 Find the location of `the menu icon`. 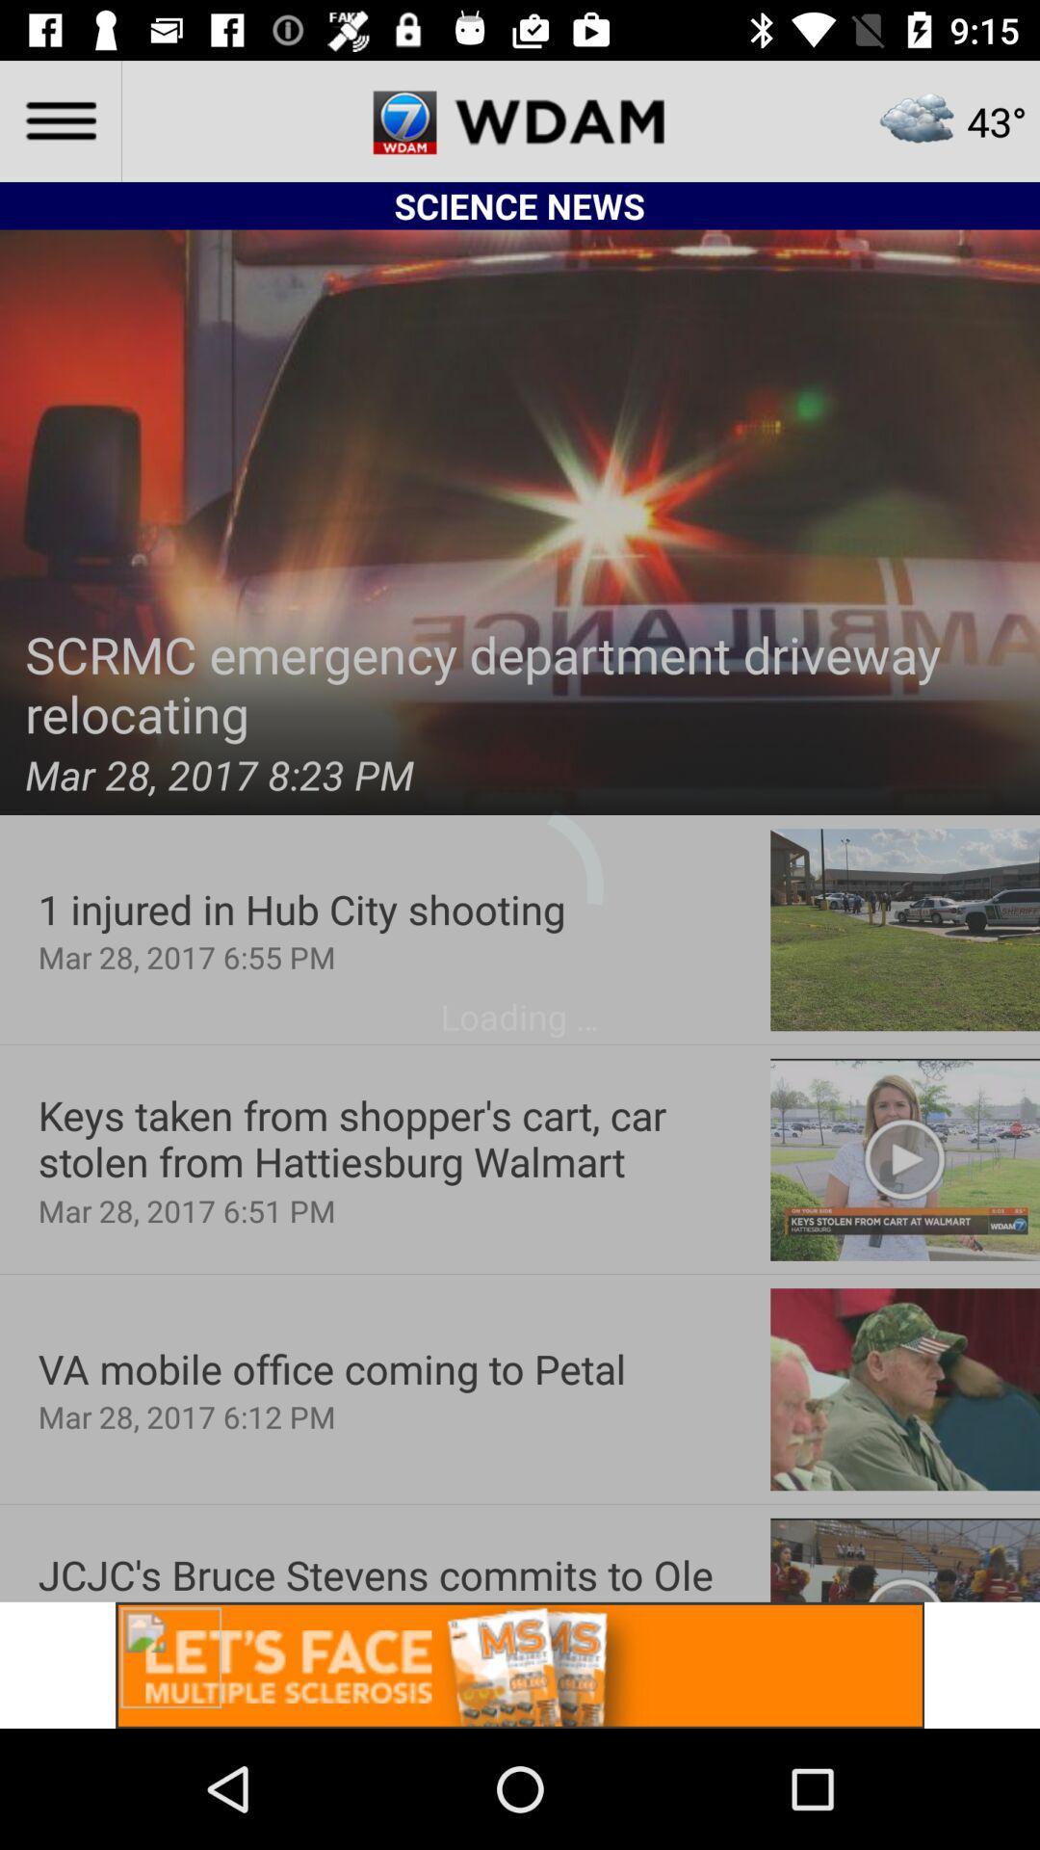

the menu icon is located at coordinates (59, 119).